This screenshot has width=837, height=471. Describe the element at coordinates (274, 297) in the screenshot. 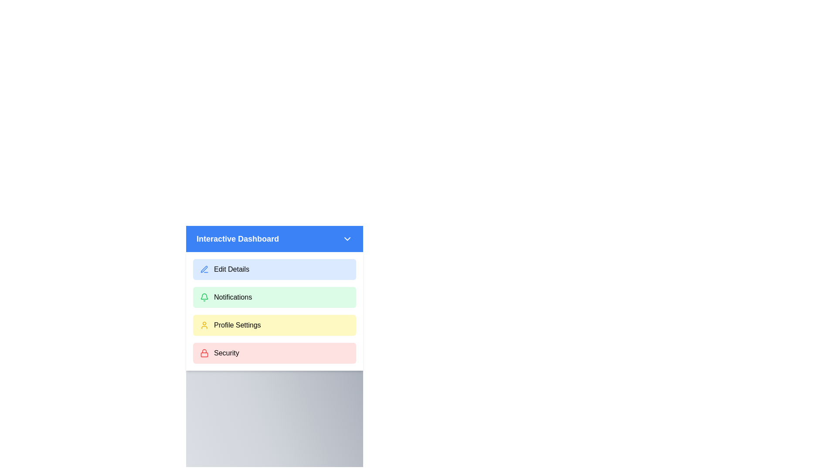

I see `the menu option Notifications from the list` at that location.